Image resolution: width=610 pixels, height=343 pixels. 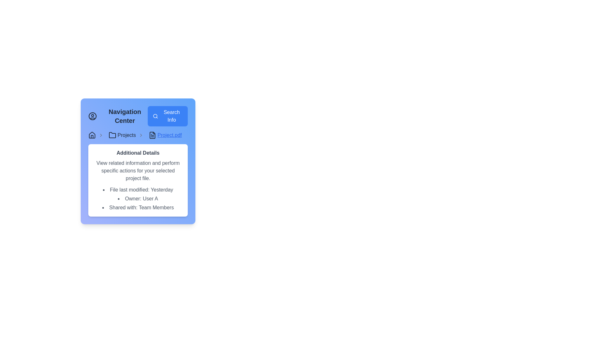 What do you see at coordinates (138, 208) in the screenshot?
I see `the text label displaying 'Shared with: Team Members' which is the last entry in the 'Additional Details' section, located within a white rectangular section with a light blue background` at bounding box center [138, 208].